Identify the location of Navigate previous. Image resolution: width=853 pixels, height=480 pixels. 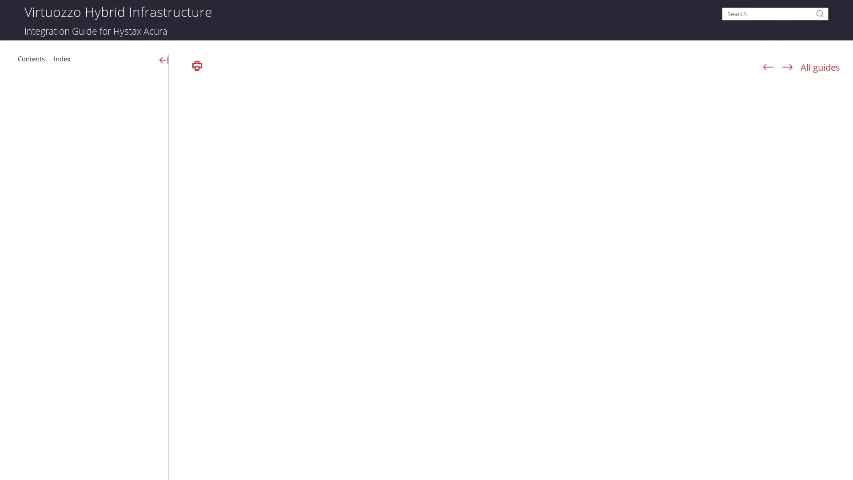
(768, 66).